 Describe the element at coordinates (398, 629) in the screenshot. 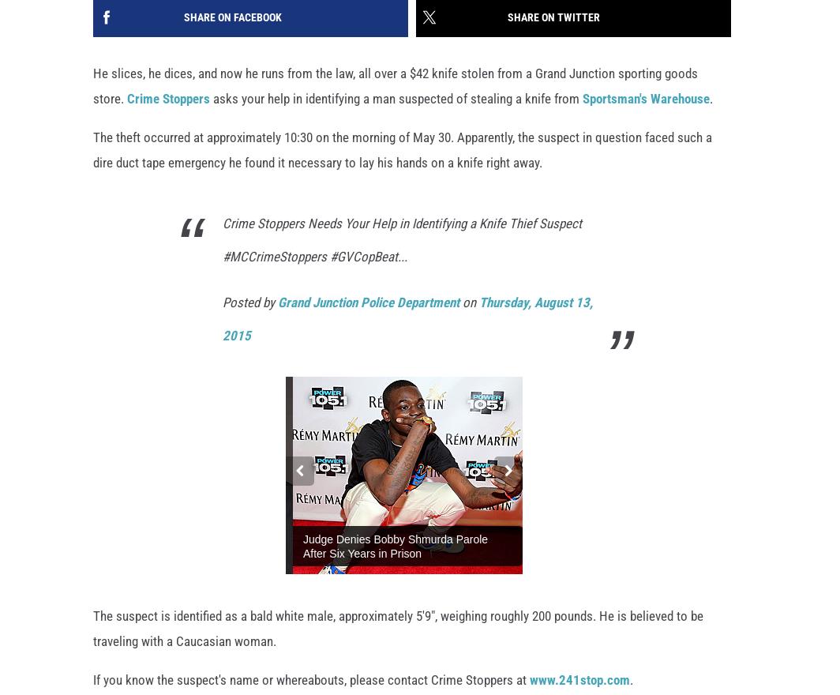

I see `'The suspect is identified as a bald white male, approximately 5'9", weighing roughly 200 pounds. He is believed to be traveling with a Caucasian woman.'` at that location.